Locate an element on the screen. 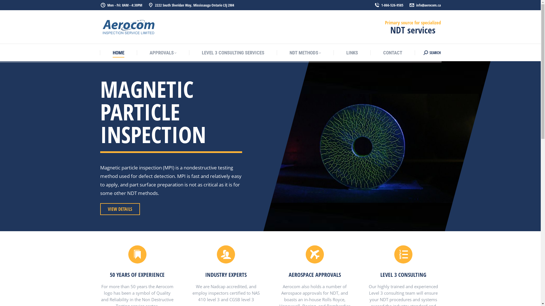 The width and height of the screenshot is (545, 306). 'CONTACT' is located at coordinates (392, 53).